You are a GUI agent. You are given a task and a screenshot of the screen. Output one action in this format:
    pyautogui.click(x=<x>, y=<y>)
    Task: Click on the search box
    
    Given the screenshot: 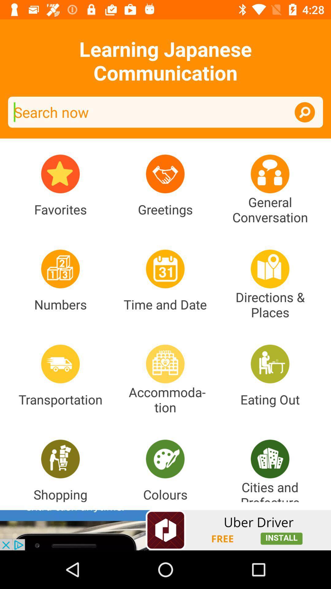 What is the action you would take?
    pyautogui.click(x=165, y=112)
    